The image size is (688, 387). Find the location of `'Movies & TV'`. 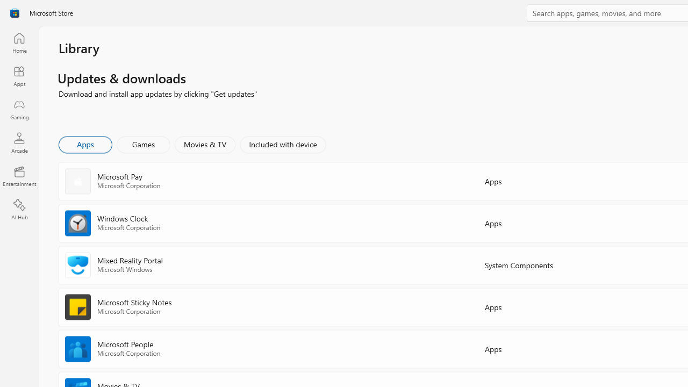

'Movies & TV' is located at coordinates (205, 144).